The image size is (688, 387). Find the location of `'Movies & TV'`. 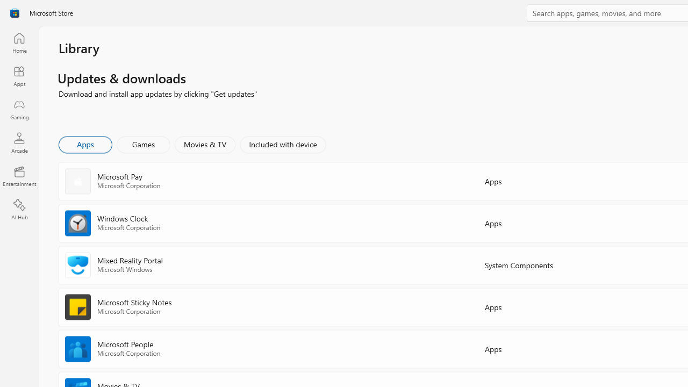

'Movies & TV' is located at coordinates (205, 144).